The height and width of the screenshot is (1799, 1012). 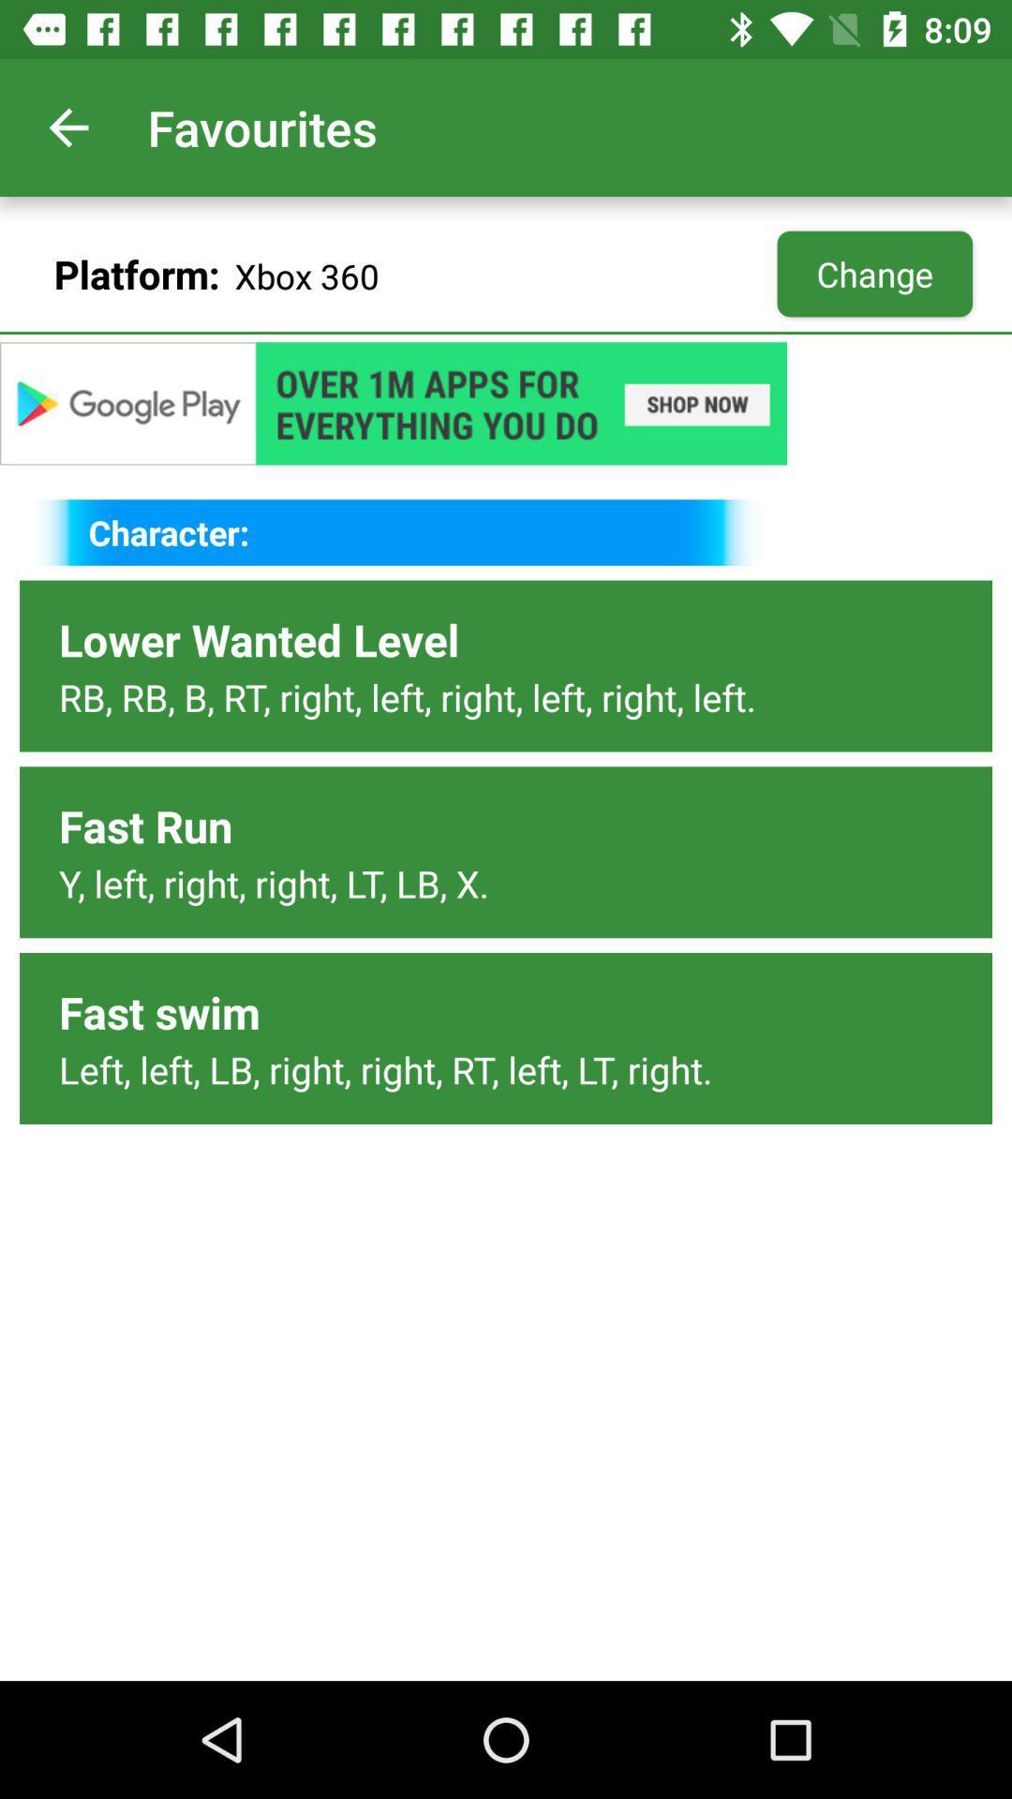 I want to click on open advertisement, so click(x=506, y=402).